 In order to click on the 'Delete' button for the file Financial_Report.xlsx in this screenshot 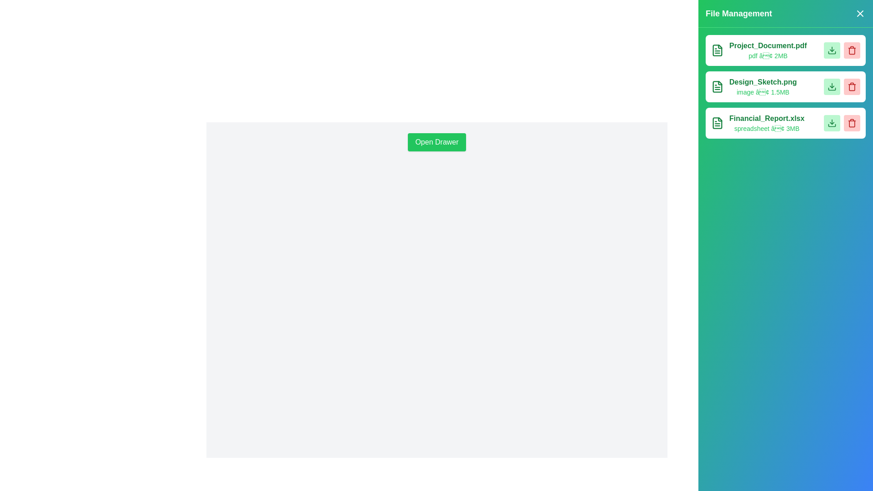, I will do `click(851, 123)`.